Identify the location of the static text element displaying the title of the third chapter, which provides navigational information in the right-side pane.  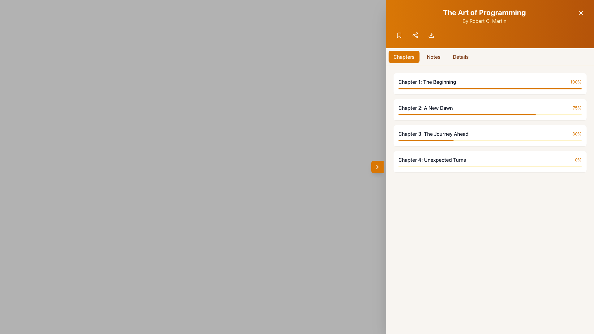
(433, 133).